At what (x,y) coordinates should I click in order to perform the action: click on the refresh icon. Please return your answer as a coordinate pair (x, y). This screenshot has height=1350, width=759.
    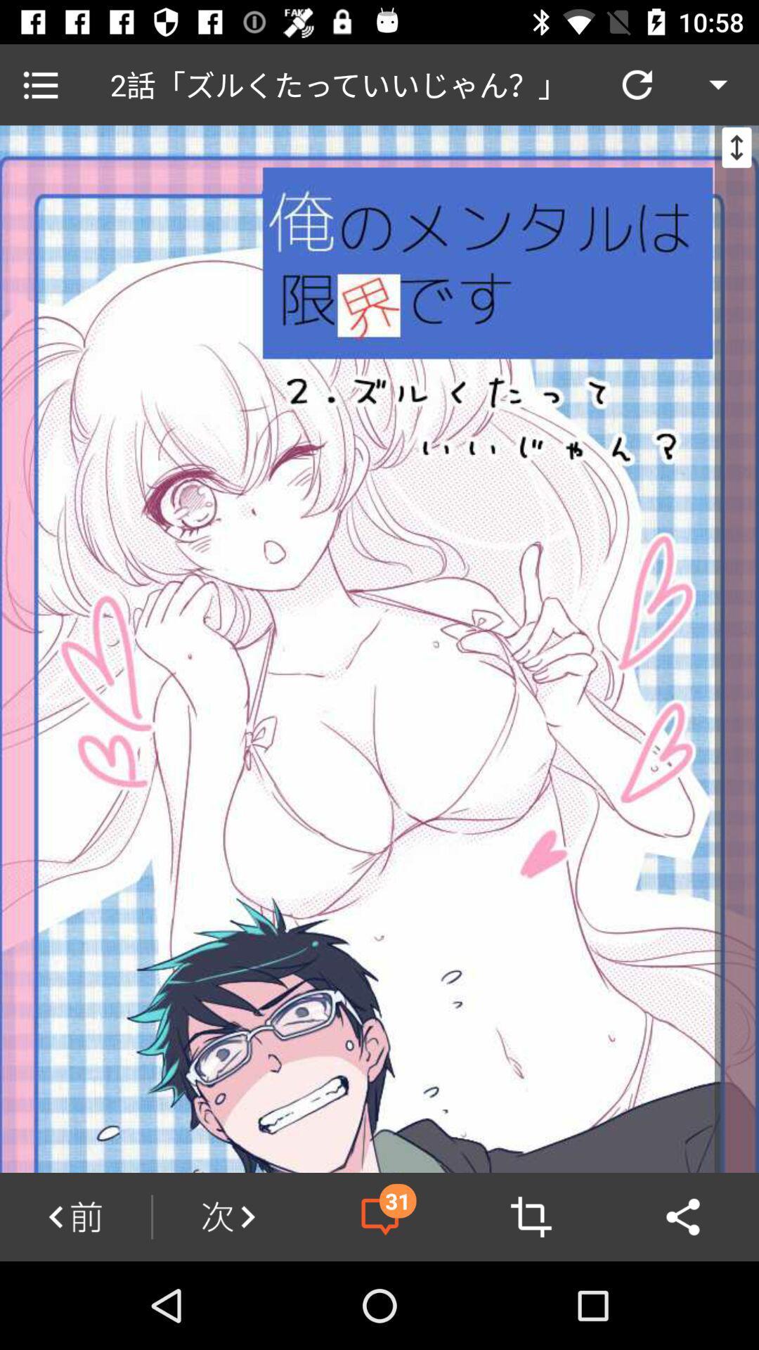
    Looking at the image, I should click on (637, 84).